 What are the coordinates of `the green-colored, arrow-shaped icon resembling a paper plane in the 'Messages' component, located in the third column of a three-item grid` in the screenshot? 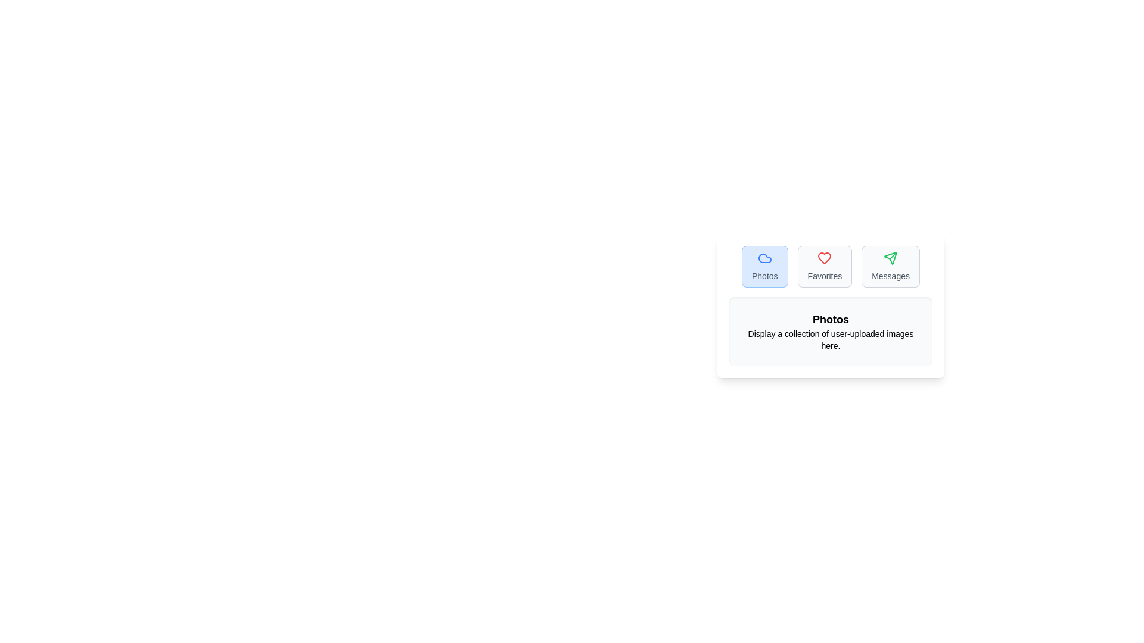 It's located at (891, 258).